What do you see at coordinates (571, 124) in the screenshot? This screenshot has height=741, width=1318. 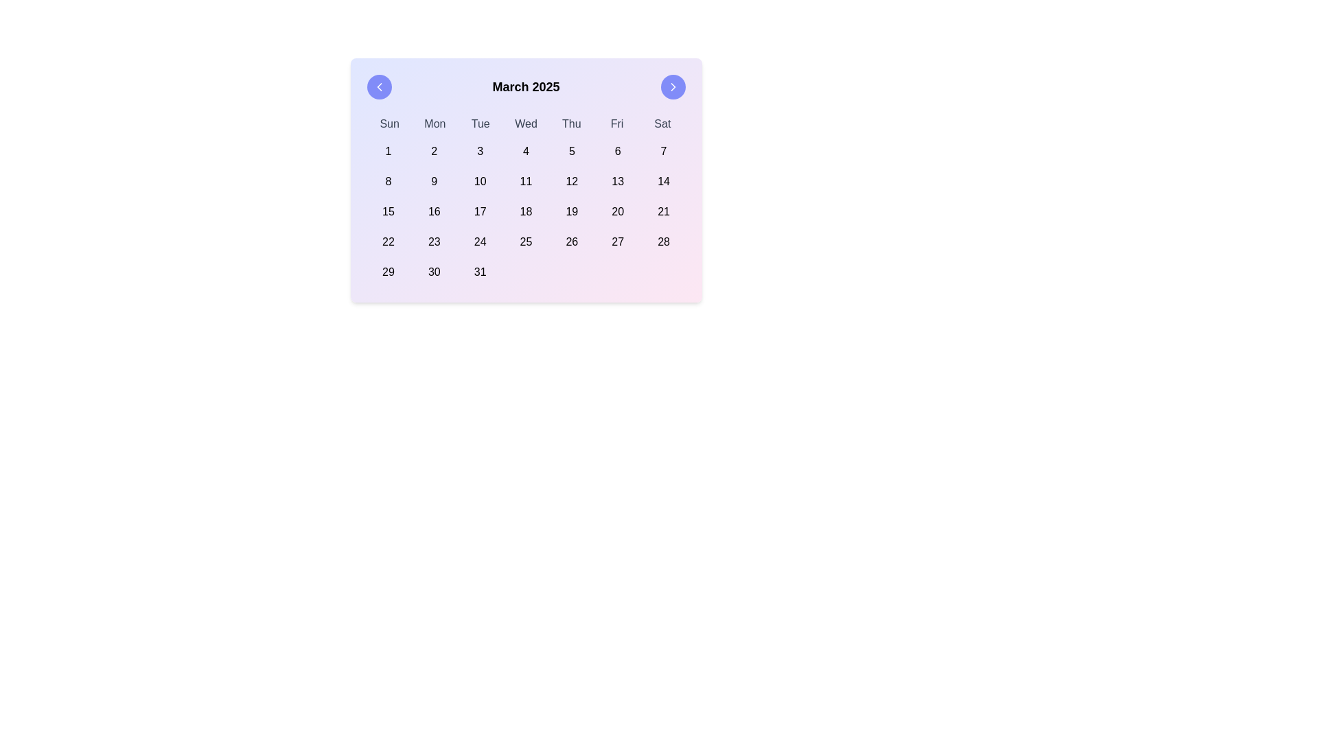 I see `the 'Thursday' text label in the calendar UI, which is the fifth element in a row of day names` at bounding box center [571, 124].